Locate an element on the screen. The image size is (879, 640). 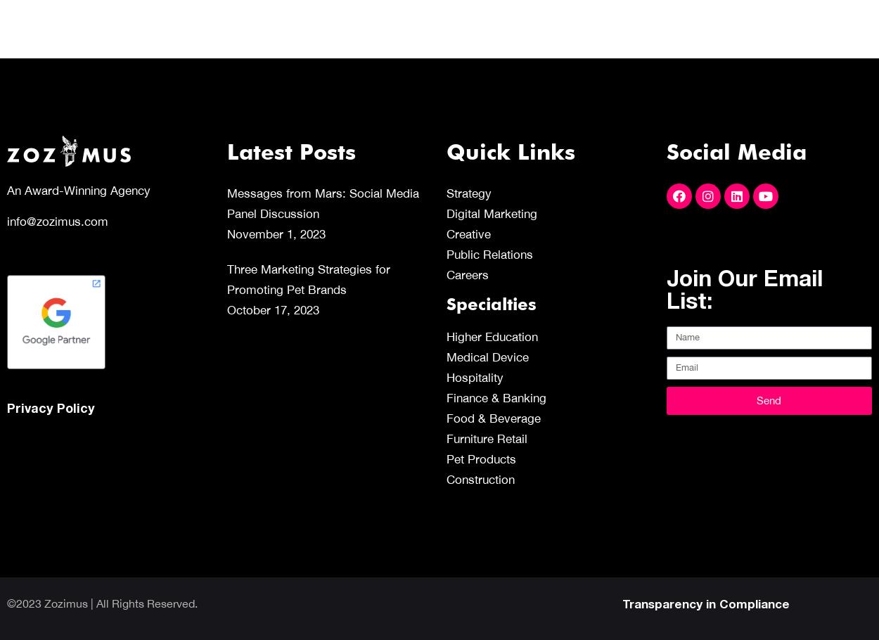
'Pet Products' is located at coordinates (481, 459).